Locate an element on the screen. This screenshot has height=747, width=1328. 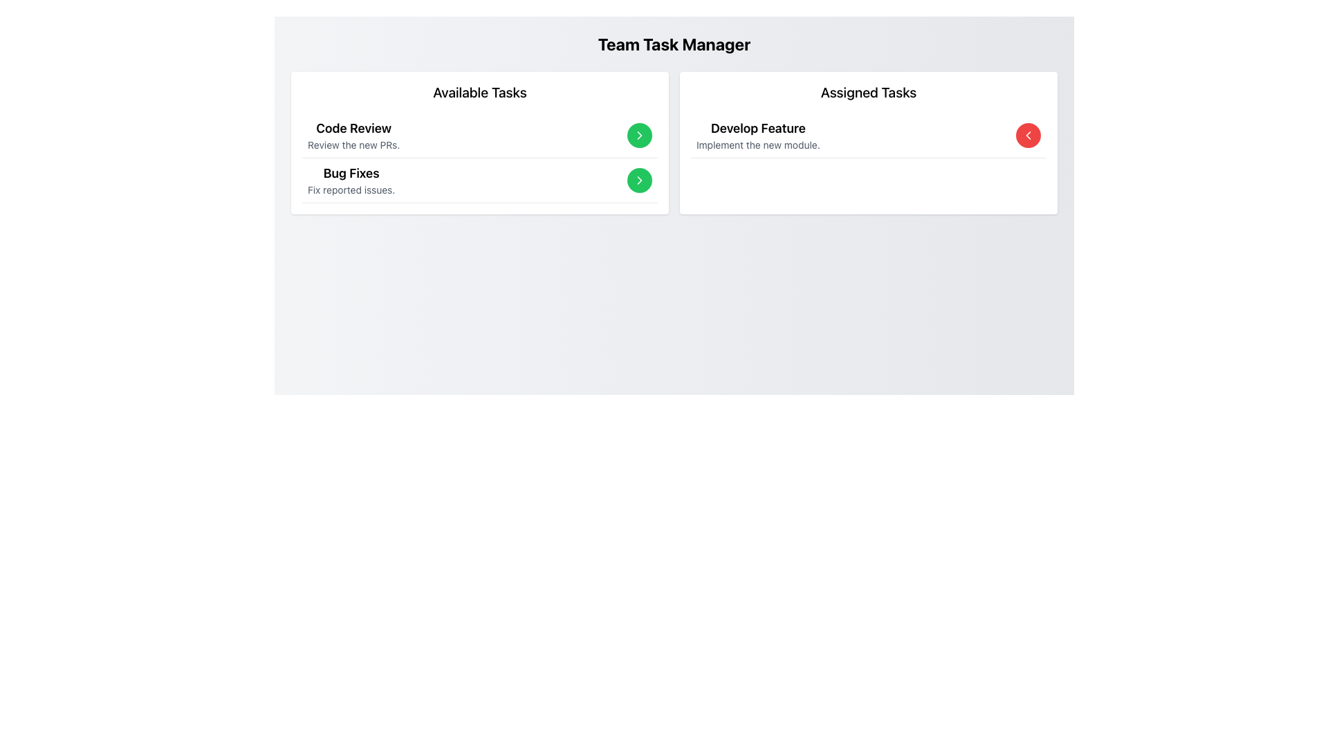
the text block titled 'Code Review' which features a bold title and a lighter subtitle, located in the left card titled 'Available Tasks' is located at coordinates (353, 136).